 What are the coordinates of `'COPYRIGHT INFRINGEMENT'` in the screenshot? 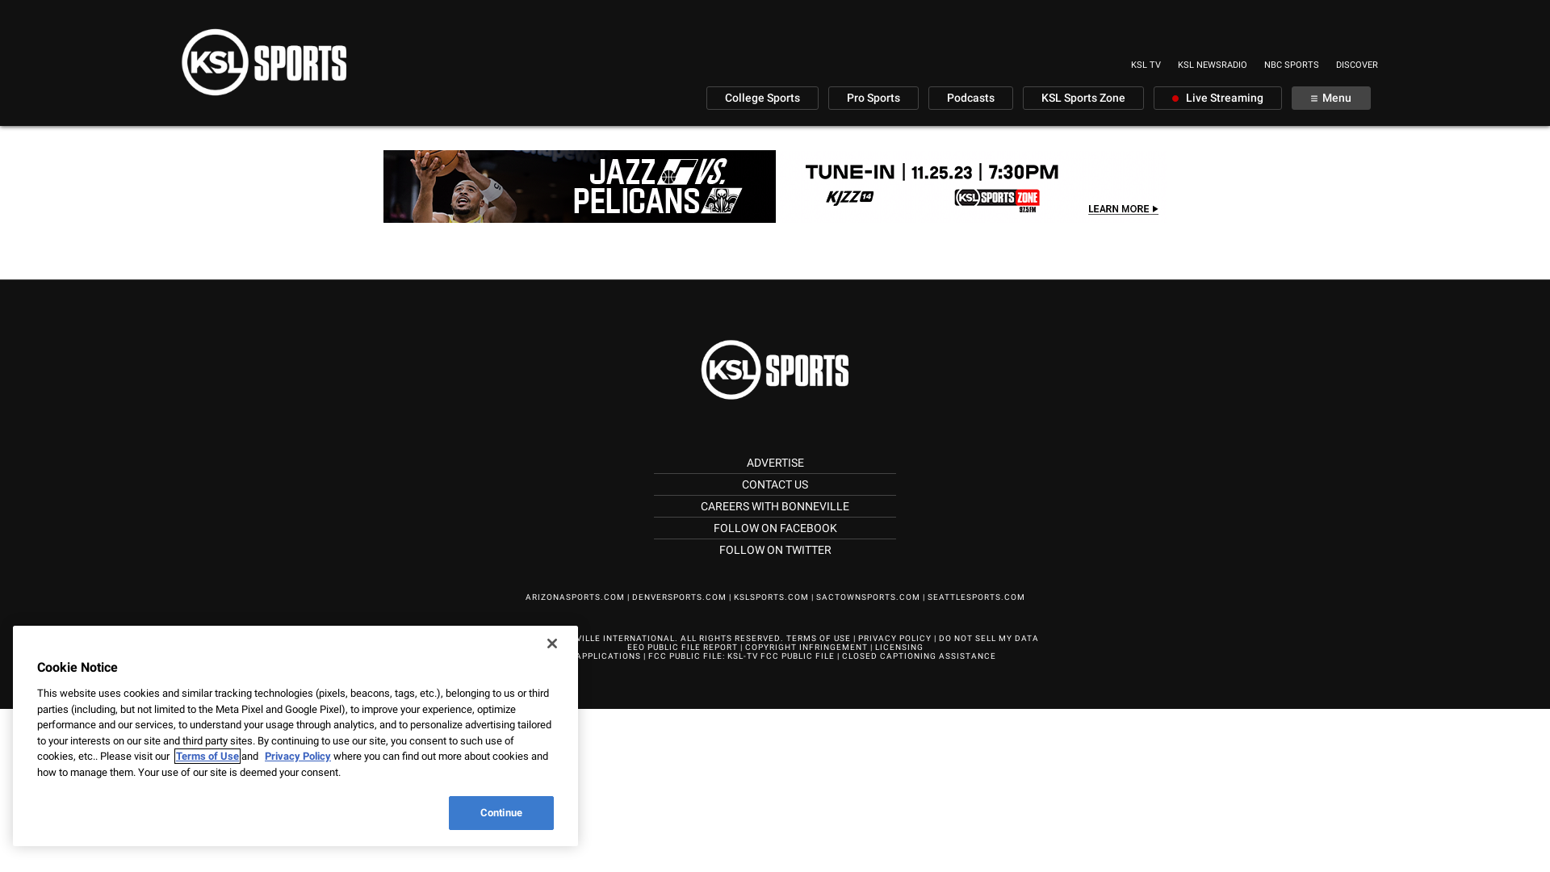 It's located at (743, 646).